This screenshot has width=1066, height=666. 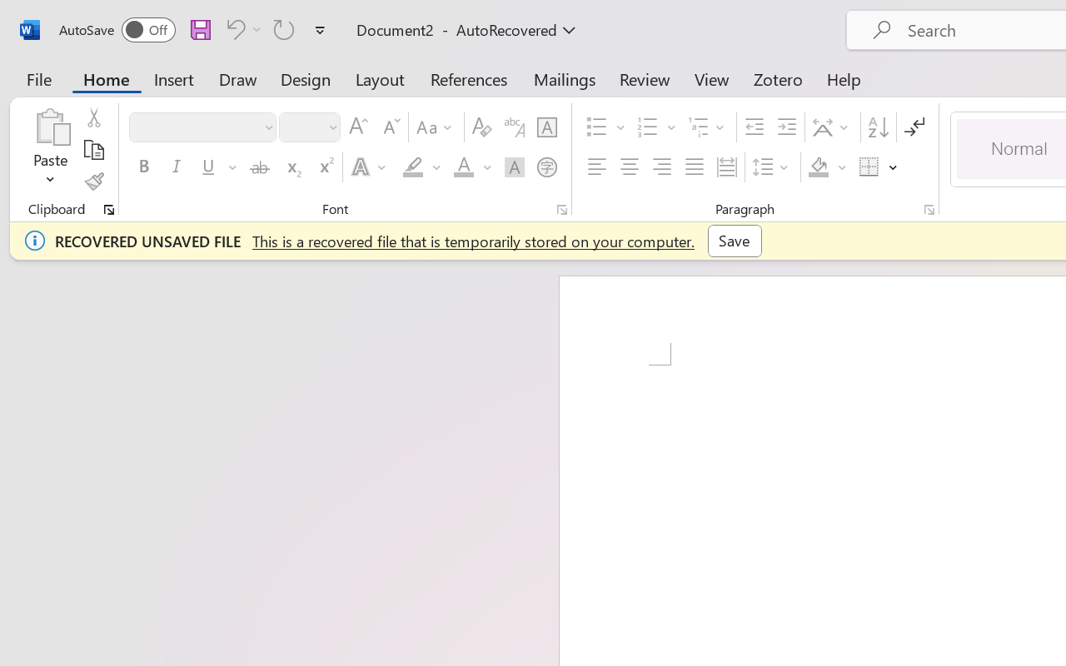 I want to click on 'Superscript', so click(x=325, y=167).